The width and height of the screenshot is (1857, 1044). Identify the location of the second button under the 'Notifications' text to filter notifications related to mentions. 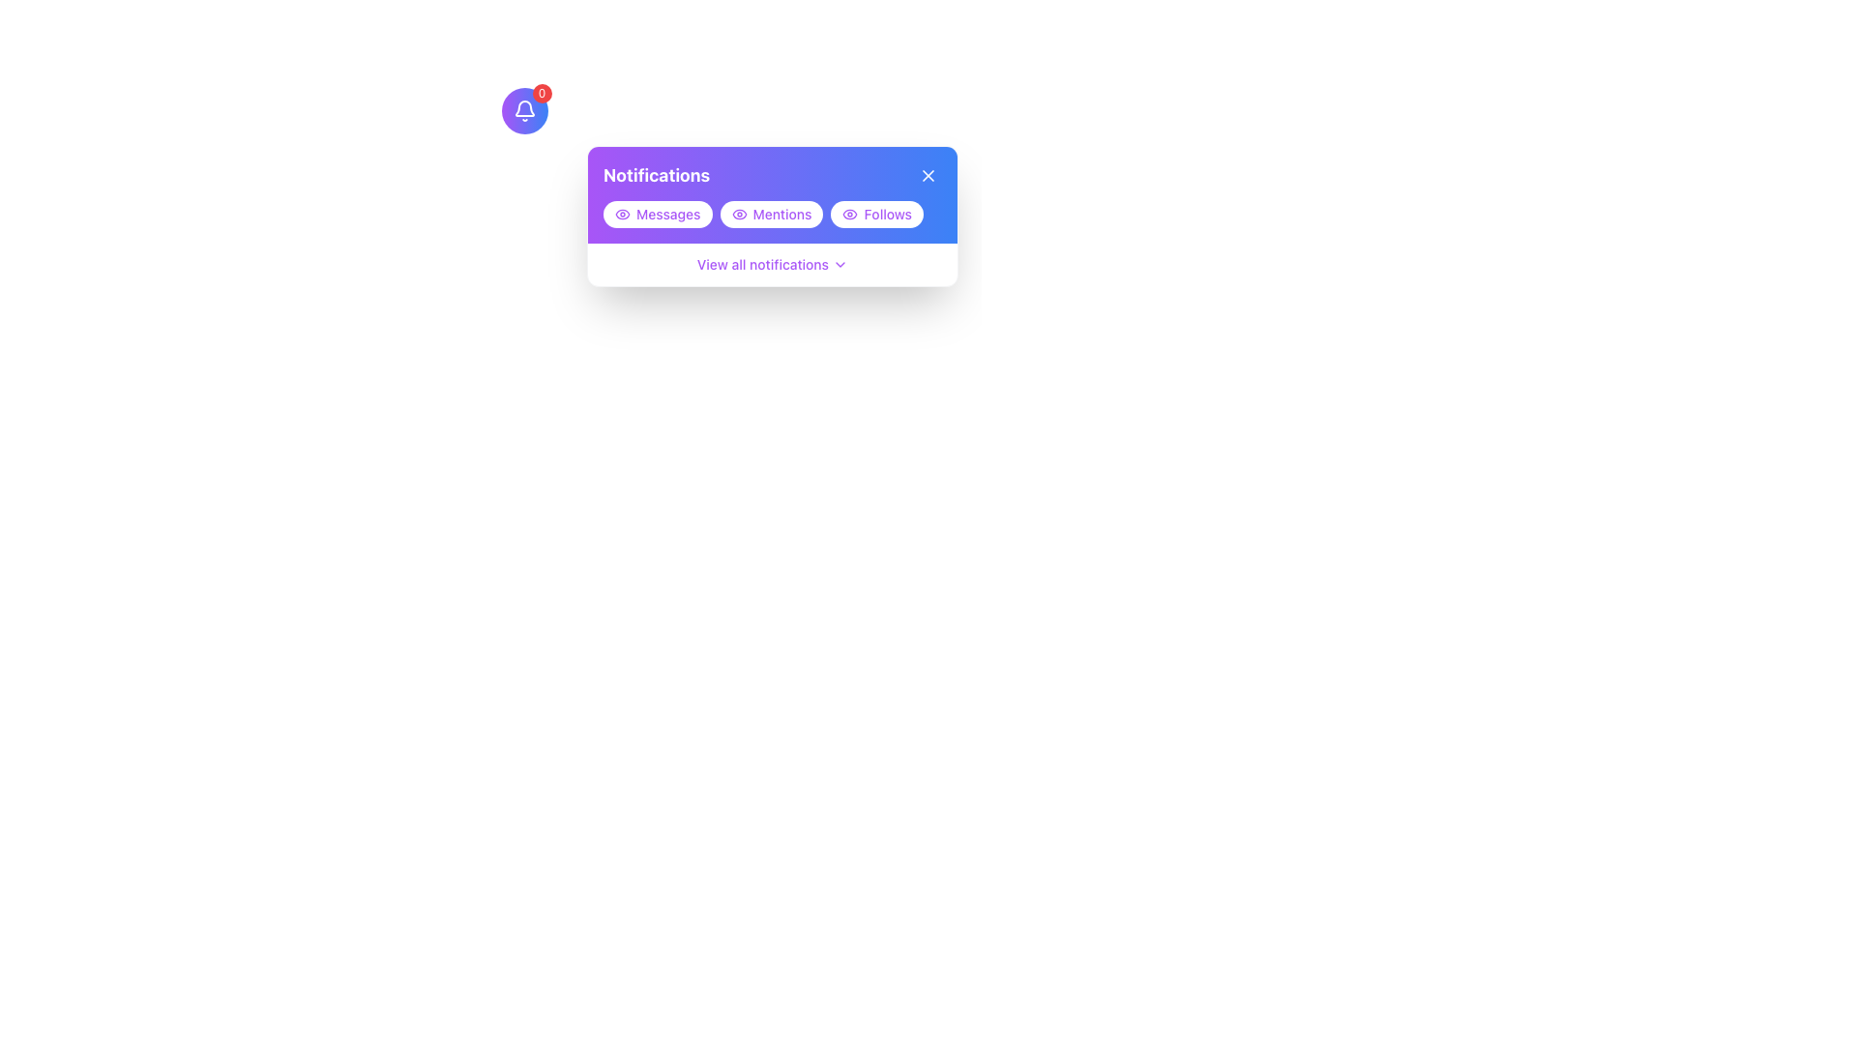
(770, 215).